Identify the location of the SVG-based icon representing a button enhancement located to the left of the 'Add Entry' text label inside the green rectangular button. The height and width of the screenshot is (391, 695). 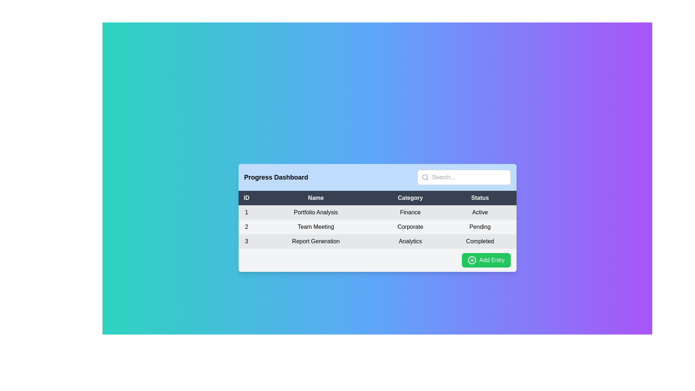
(472, 260).